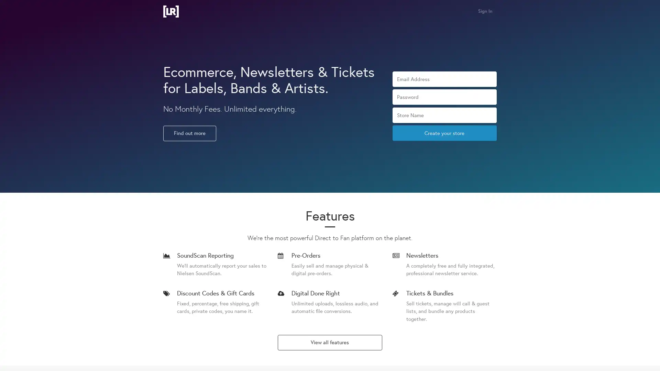 The image size is (660, 371). I want to click on Create your store, so click(444, 133).